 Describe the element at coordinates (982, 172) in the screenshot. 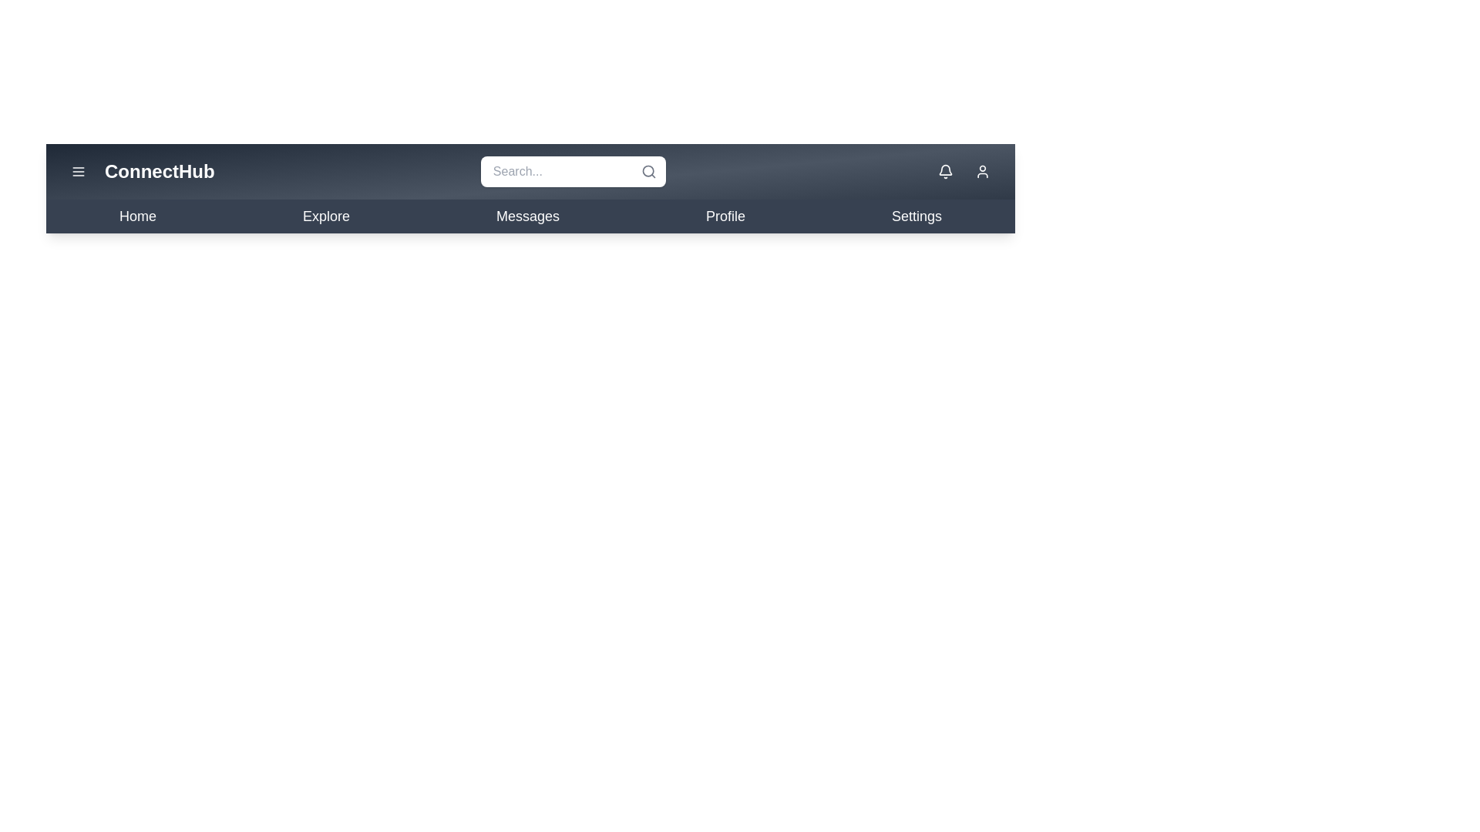

I see `the user icon to access profile options` at that location.